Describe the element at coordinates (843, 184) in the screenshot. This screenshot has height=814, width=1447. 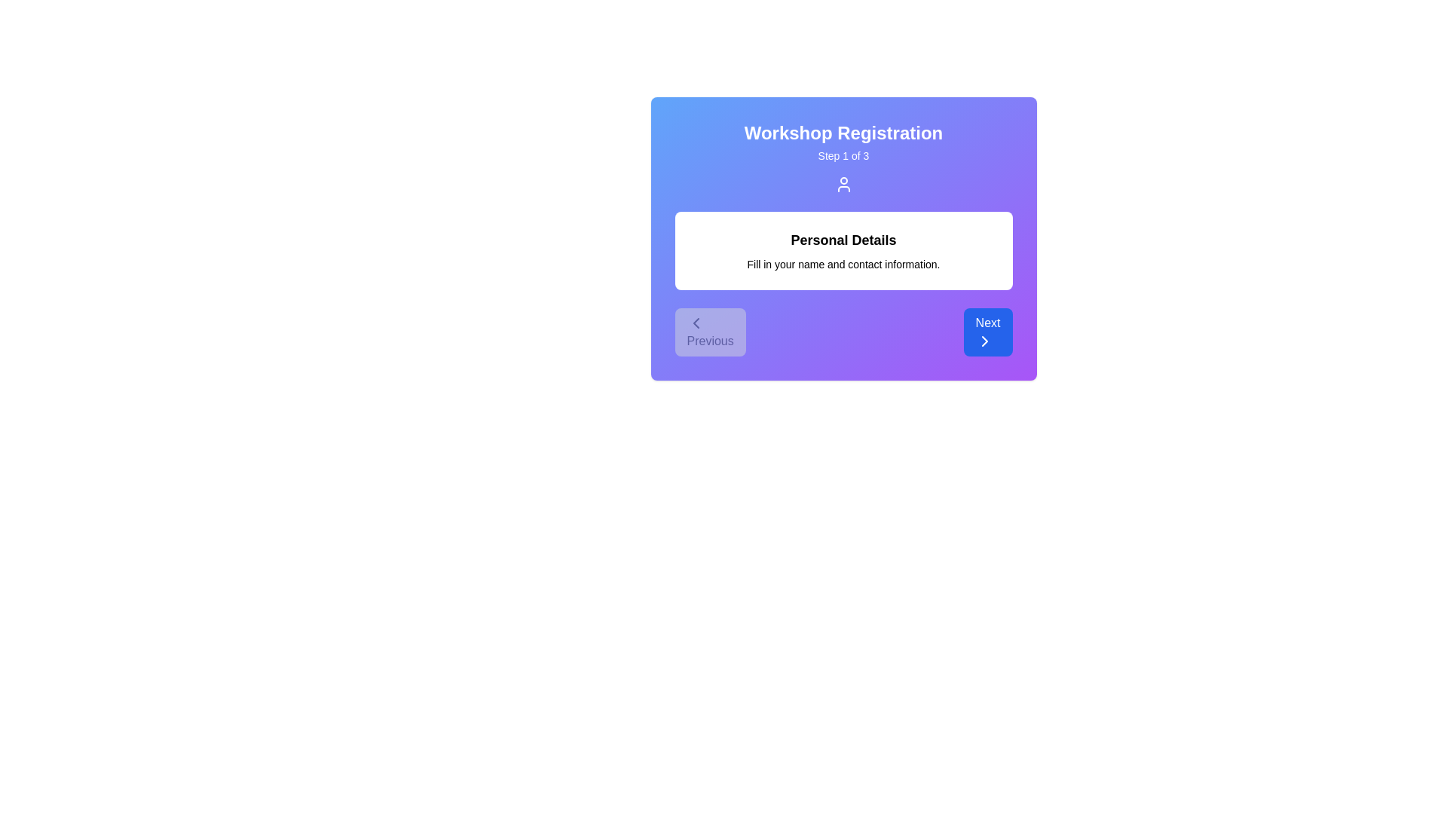
I see `the user silhouette icon, which is centrally positioned below the 'Workshop Registration' header and above the 'Personal Details' section, characterized by its line-drawing format and sharp edges` at that location.